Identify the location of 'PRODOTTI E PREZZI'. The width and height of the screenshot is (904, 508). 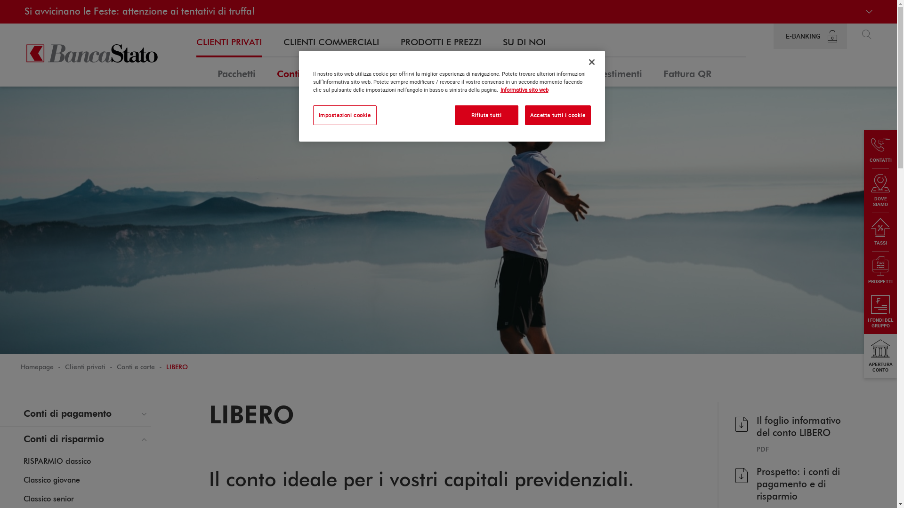
(440, 43).